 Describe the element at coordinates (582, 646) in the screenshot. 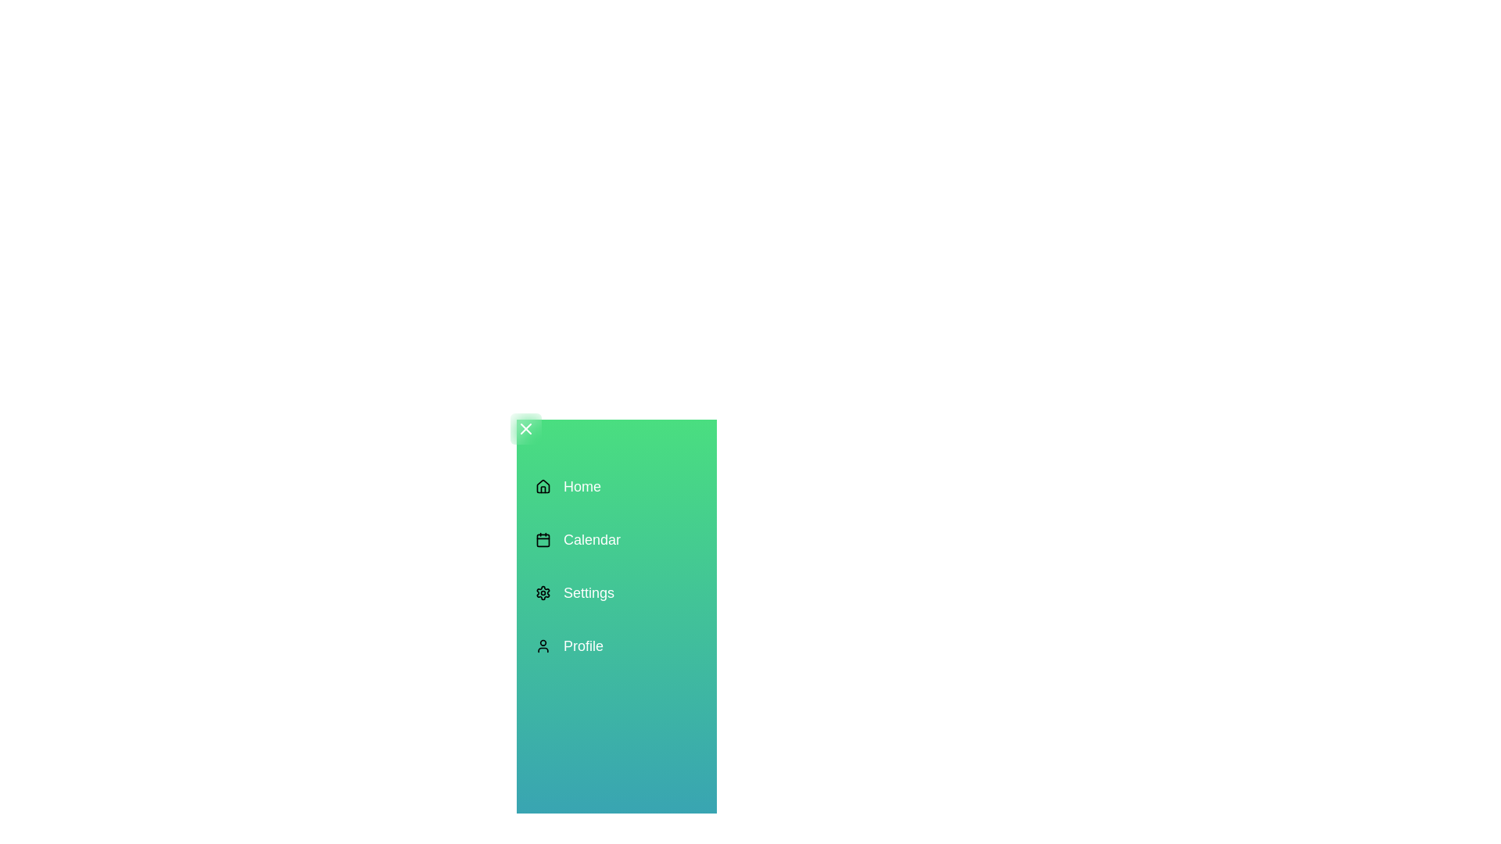

I see `the 'Profile' text label in the navigation menu` at that location.